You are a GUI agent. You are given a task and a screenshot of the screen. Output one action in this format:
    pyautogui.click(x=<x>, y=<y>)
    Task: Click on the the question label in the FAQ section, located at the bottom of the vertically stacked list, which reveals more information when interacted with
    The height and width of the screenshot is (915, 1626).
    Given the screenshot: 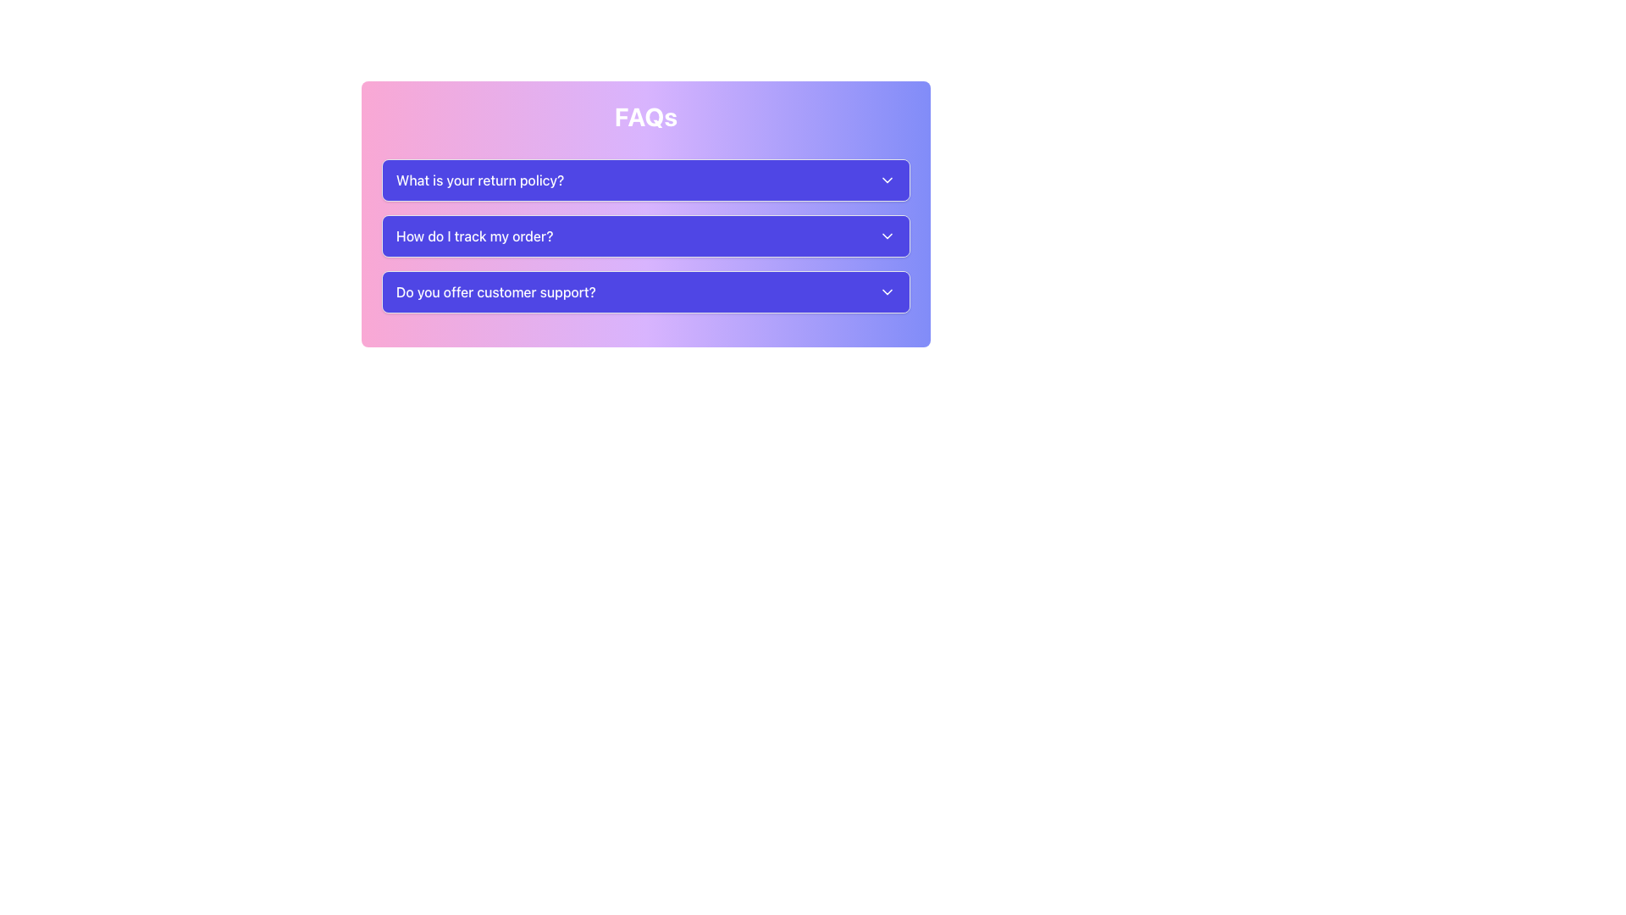 What is the action you would take?
    pyautogui.click(x=495, y=291)
    